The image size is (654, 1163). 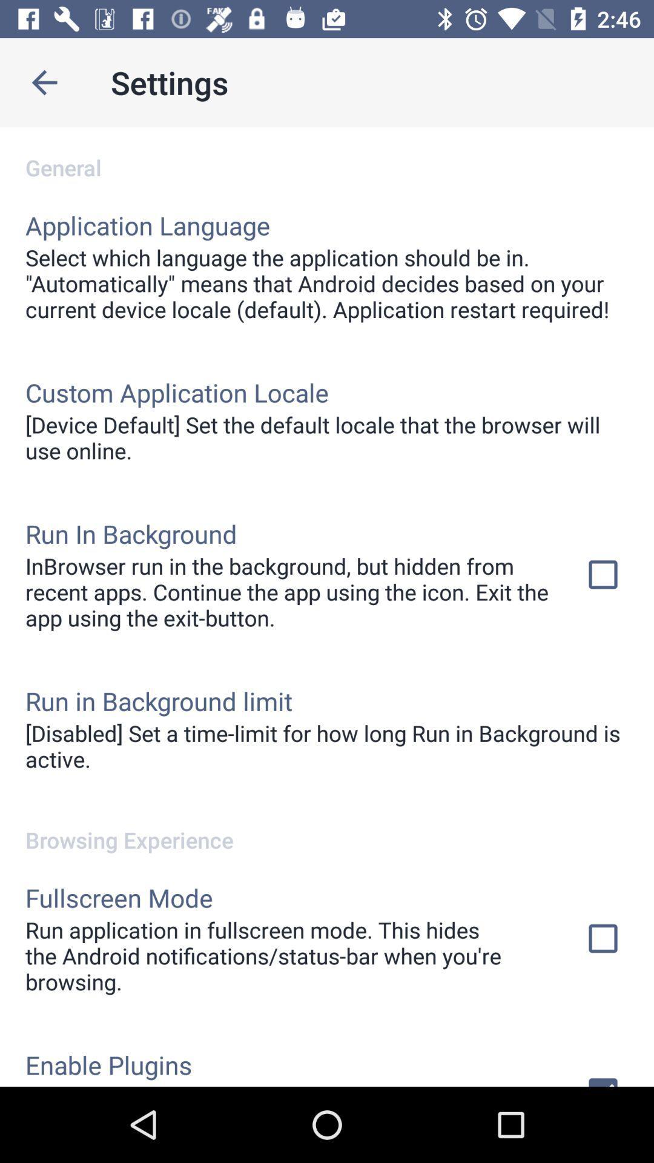 I want to click on the icon below application language app, so click(x=327, y=283).